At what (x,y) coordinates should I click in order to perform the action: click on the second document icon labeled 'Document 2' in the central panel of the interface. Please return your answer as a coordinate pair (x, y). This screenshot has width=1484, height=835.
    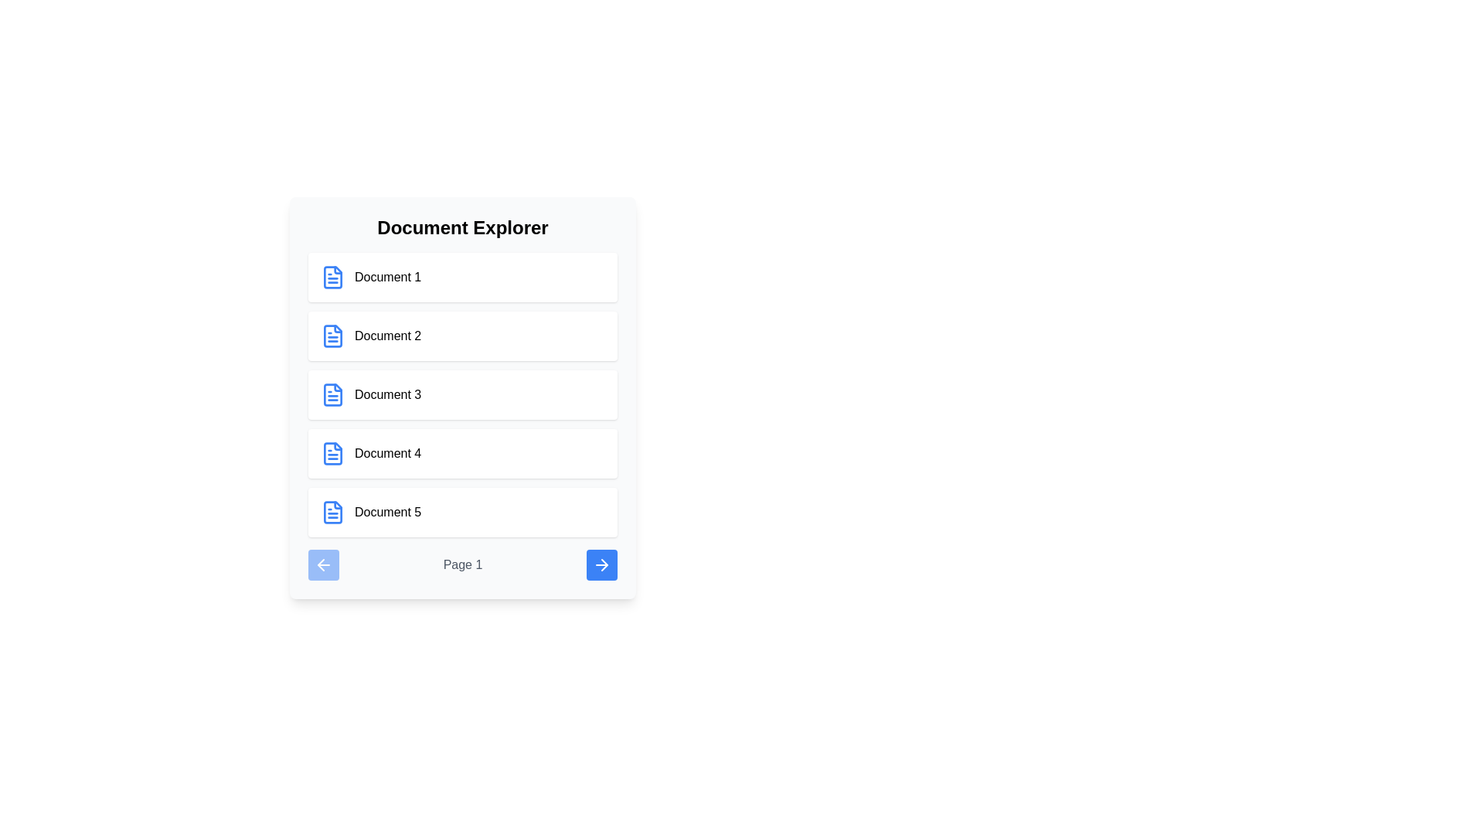
    Looking at the image, I should click on (332, 336).